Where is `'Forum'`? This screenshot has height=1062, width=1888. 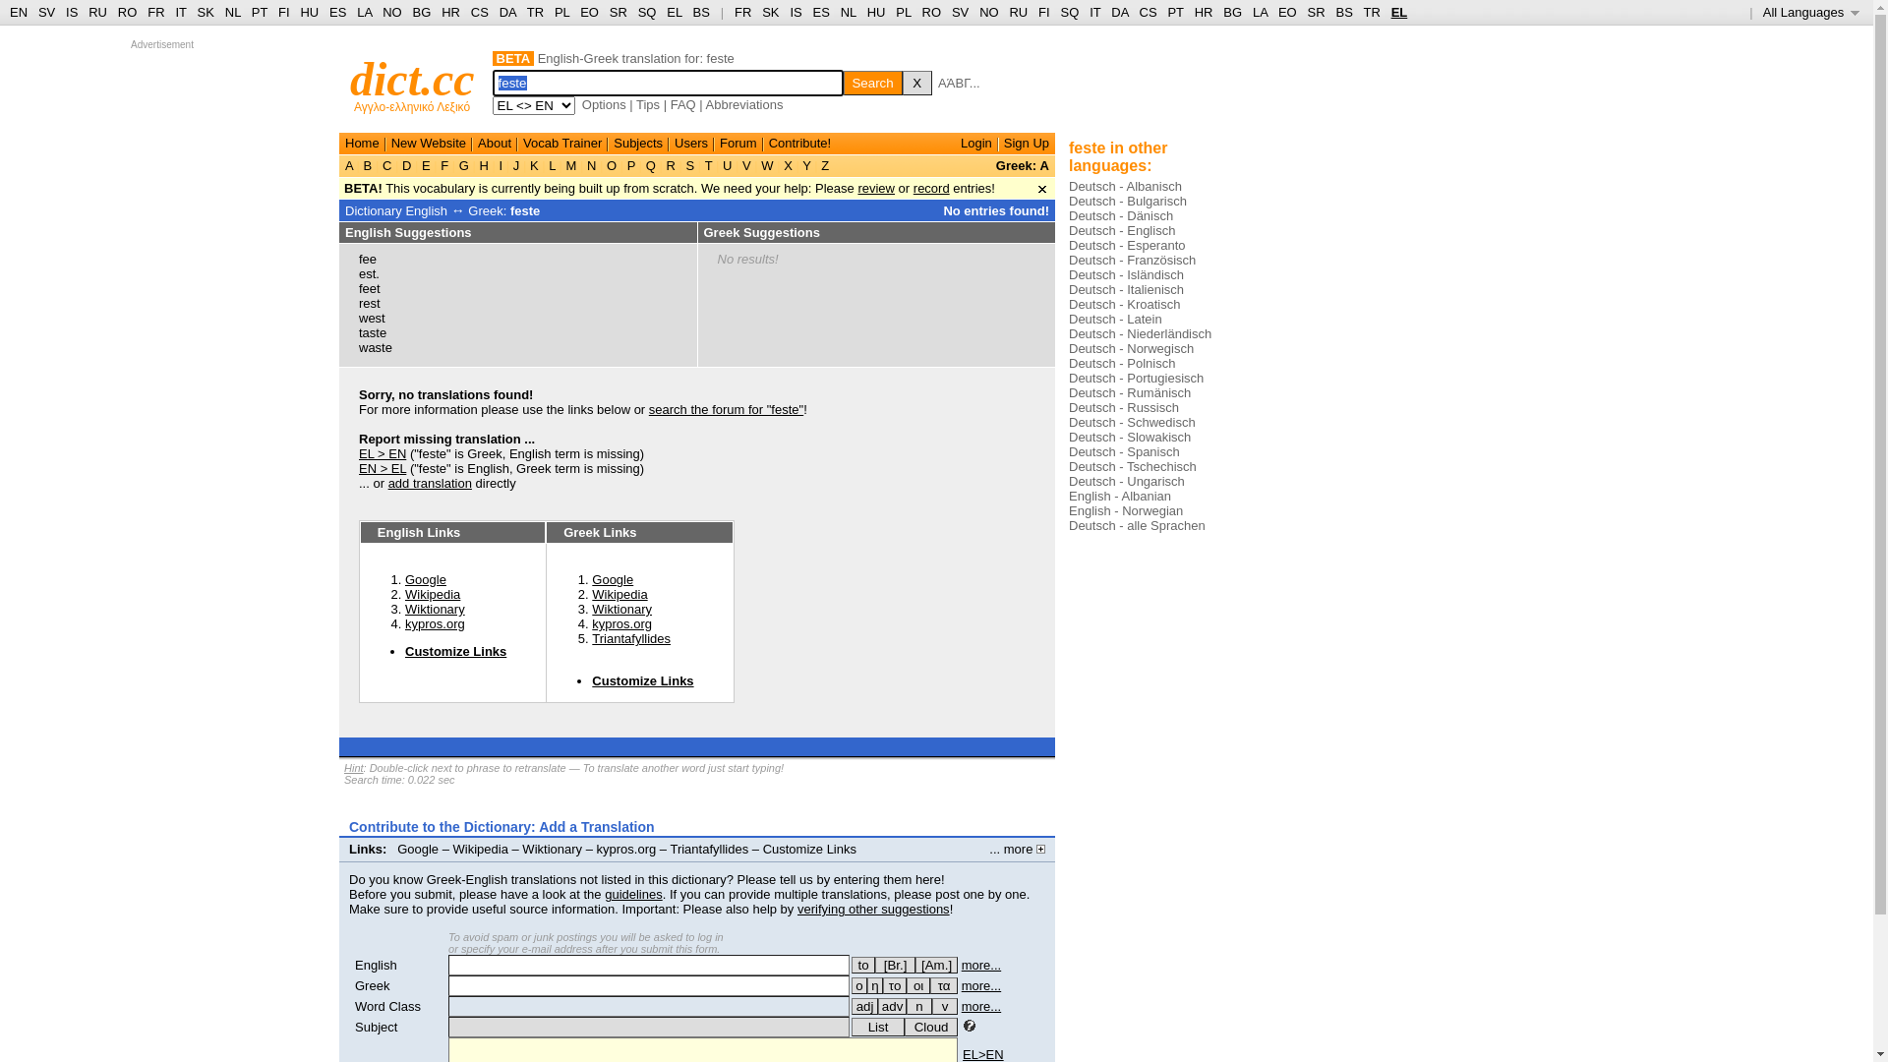
'Forum' is located at coordinates (737, 142).